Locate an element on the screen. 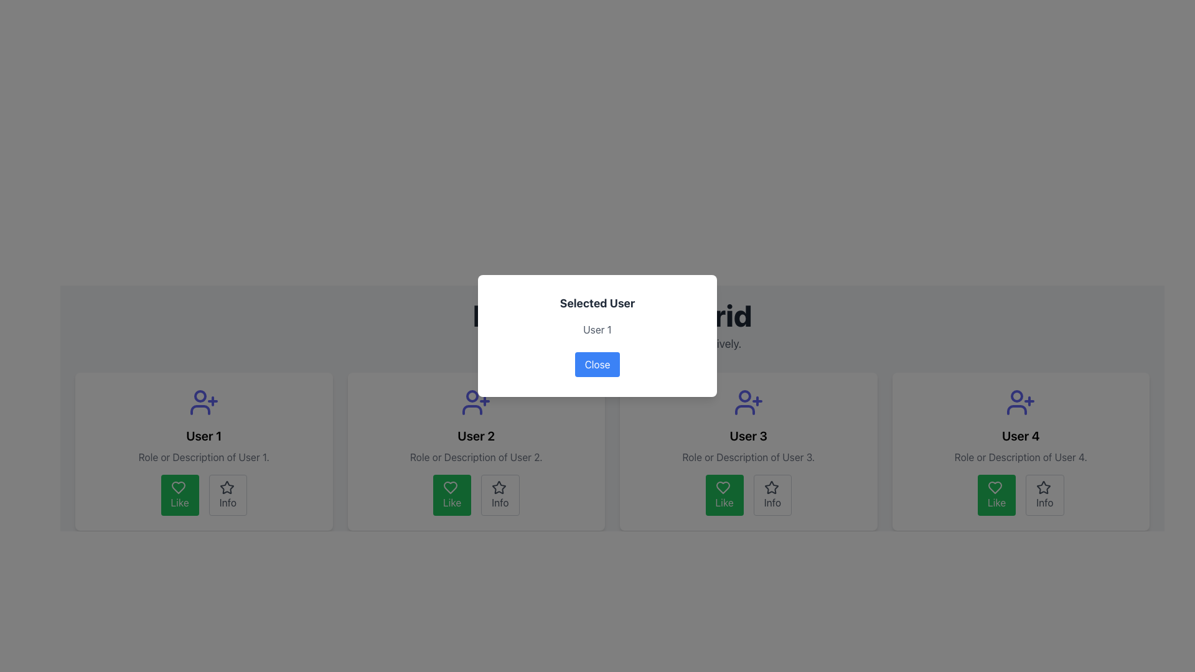  the heart icon button located in the bottom-left corner of 'User 1's card is located at coordinates (177, 487).